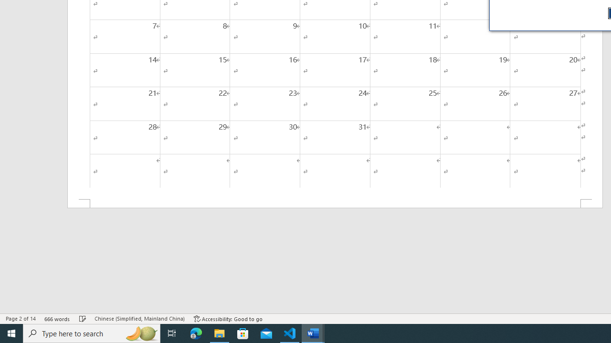 Image resolution: width=611 pixels, height=343 pixels. Describe the element at coordinates (228, 319) in the screenshot. I see `'Accessibility Checker Accessibility: Good to go'` at that location.